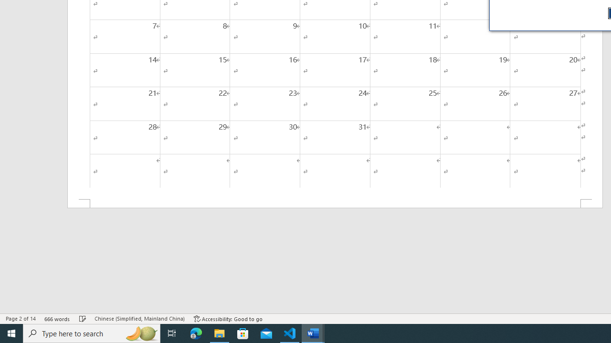 Image resolution: width=611 pixels, height=343 pixels. Describe the element at coordinates (228, 319) in the screenshot. I see `'Accessibility Checker Accessibility: Good to go'` at that location.